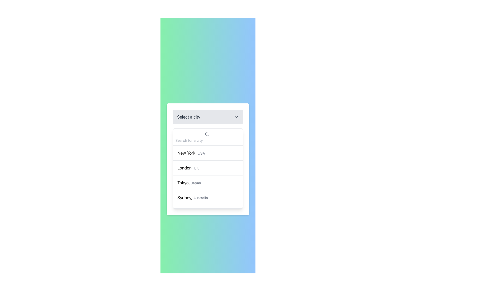  Describe the element at coordinates (188, 168) in the screenshot. I see `the text item displaying 'London, UK' in the dropdown list` at that location.